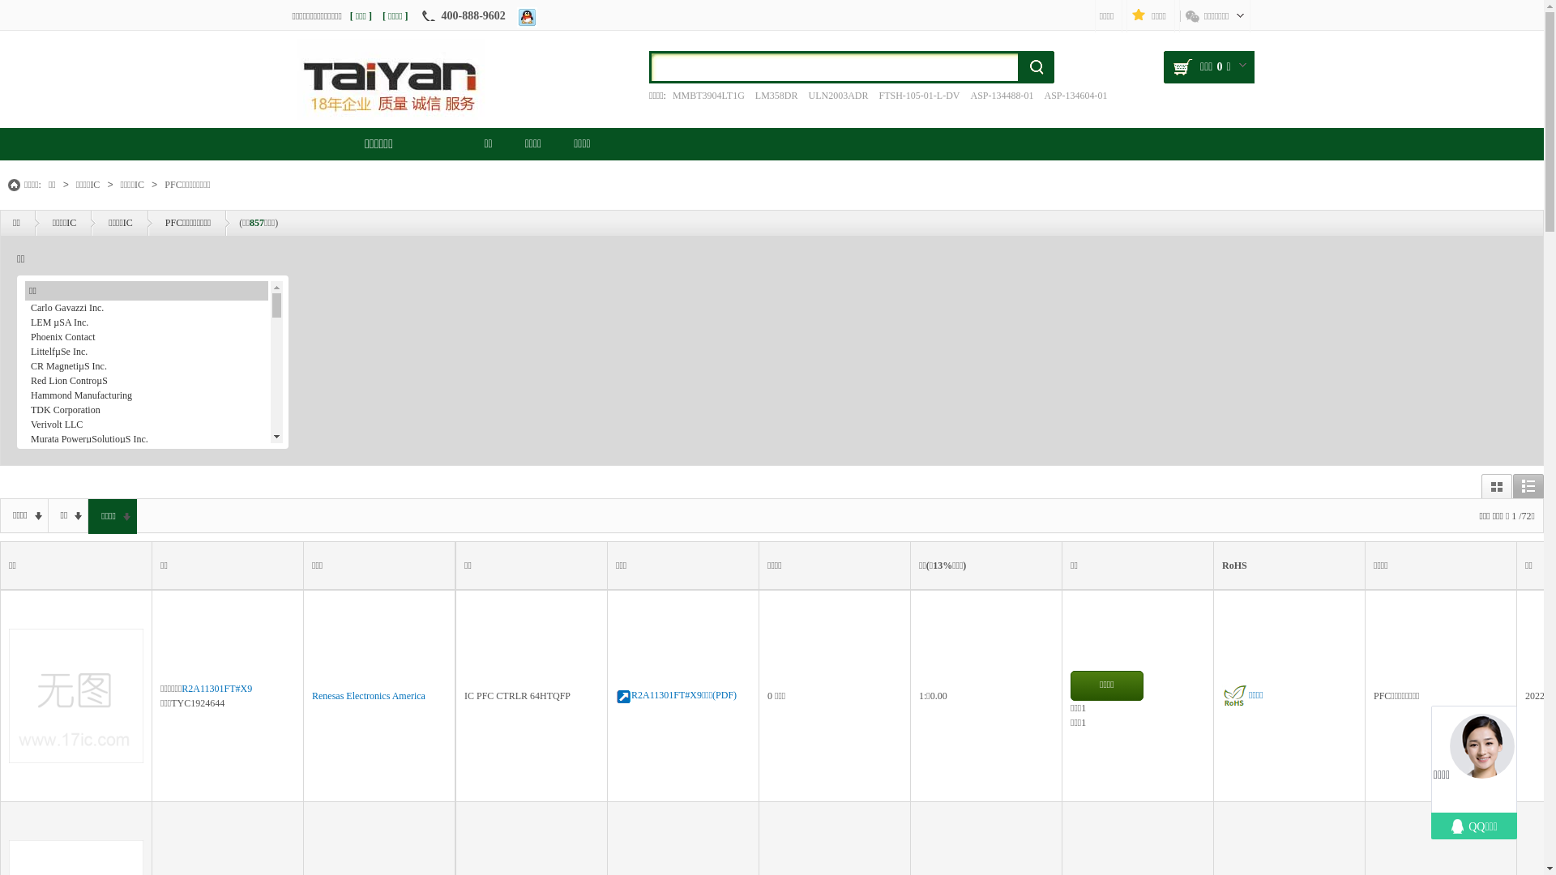 This screenshot has height=875, width=1556. I want to click on 'TDK Corporation', so click(147, 408).